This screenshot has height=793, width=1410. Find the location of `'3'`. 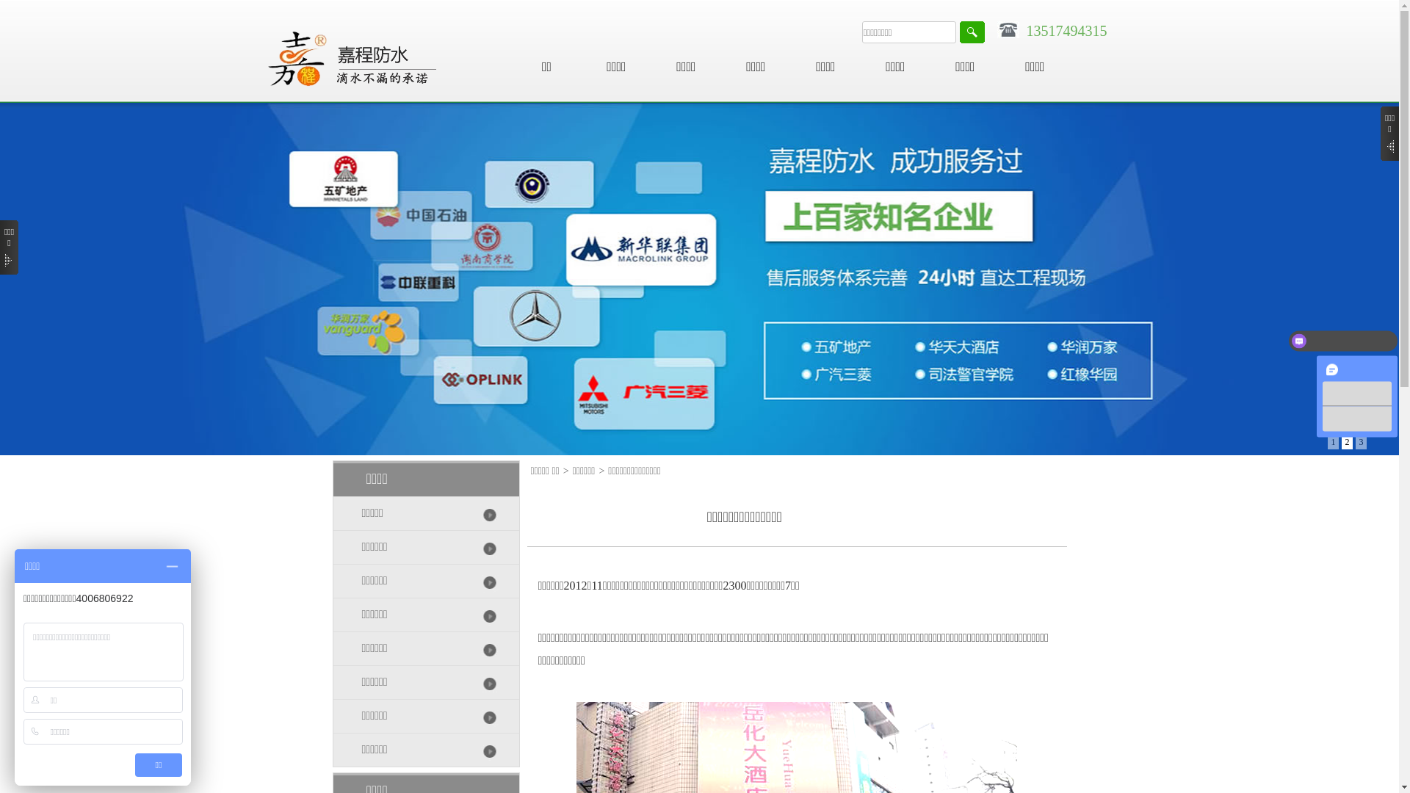

'3' is located at coordinates (1355, 442).